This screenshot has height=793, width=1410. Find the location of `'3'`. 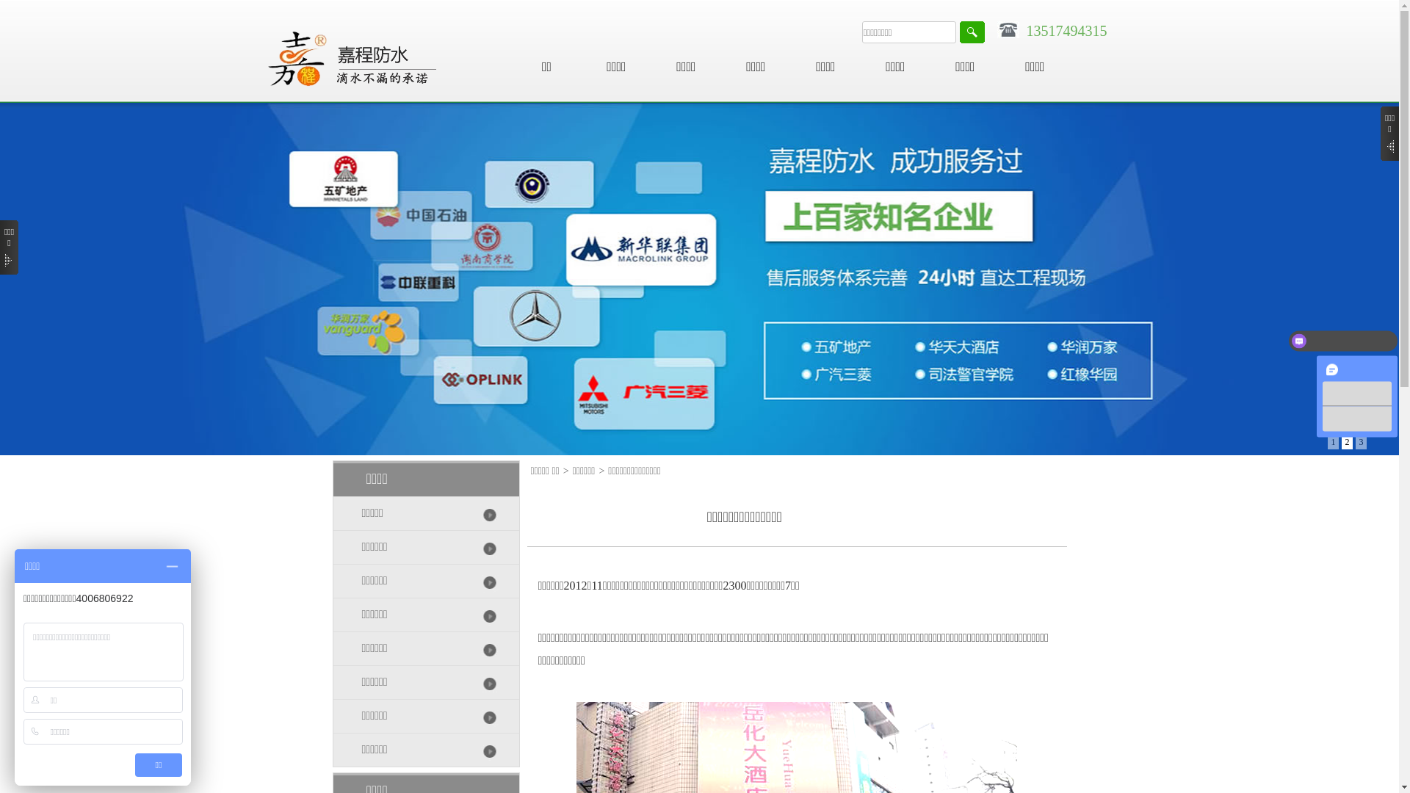

'3' is located at coordinates (1355, 442).